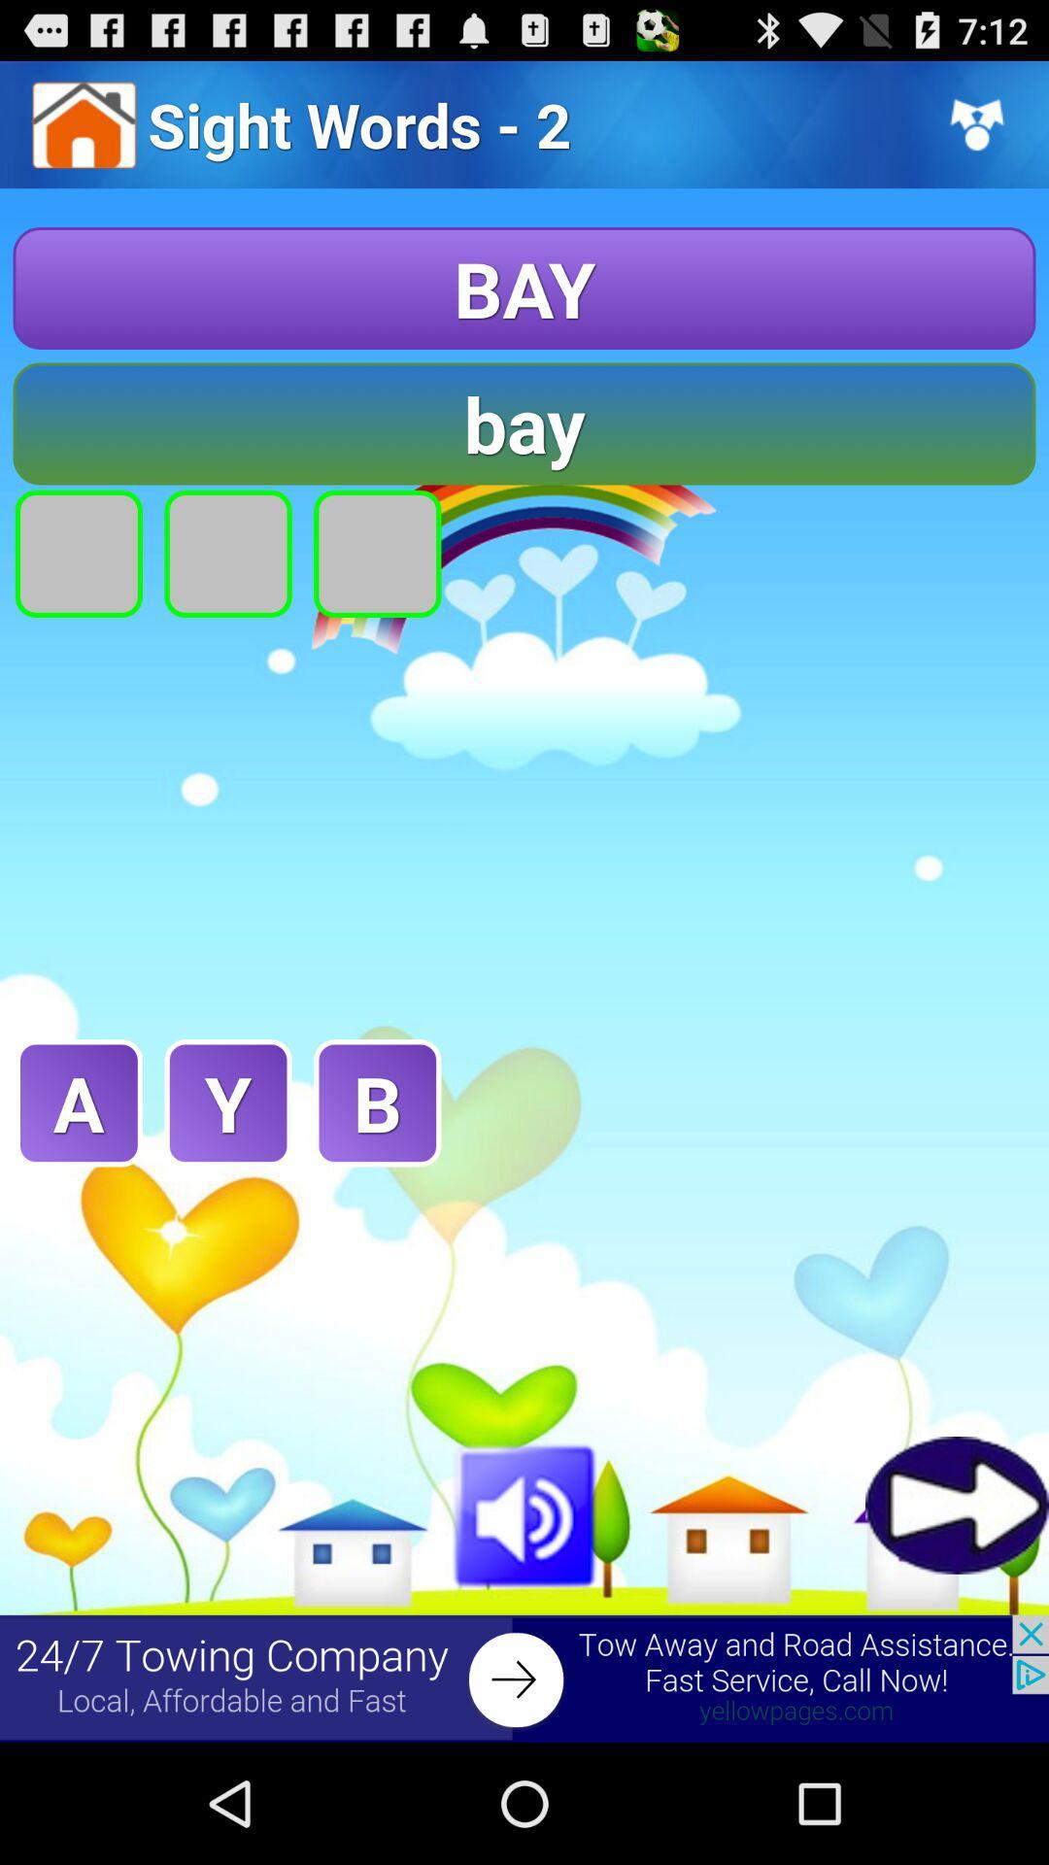  What do you see at coordinates (524, 1619) in the screenshot?
I see `the volume icon` at bounding box center [524, 1619].